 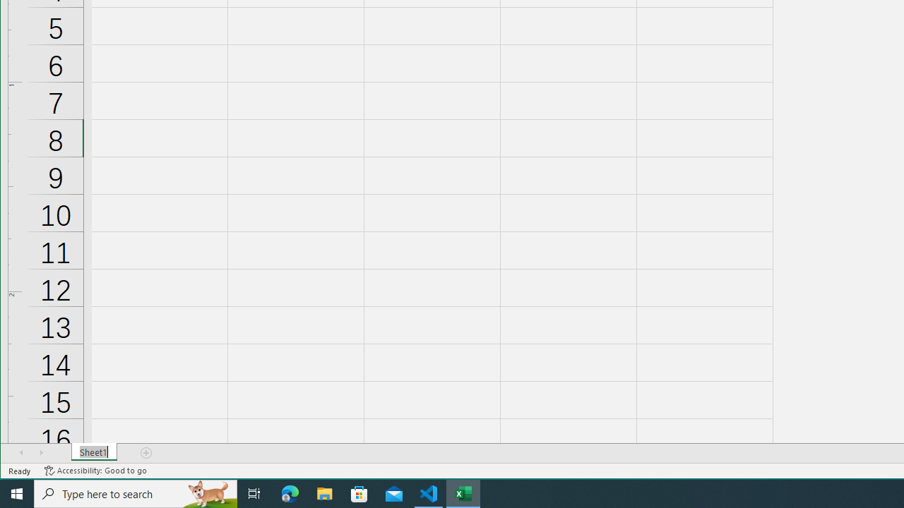 I want to click on 'Start', so click(x=17, y=492).